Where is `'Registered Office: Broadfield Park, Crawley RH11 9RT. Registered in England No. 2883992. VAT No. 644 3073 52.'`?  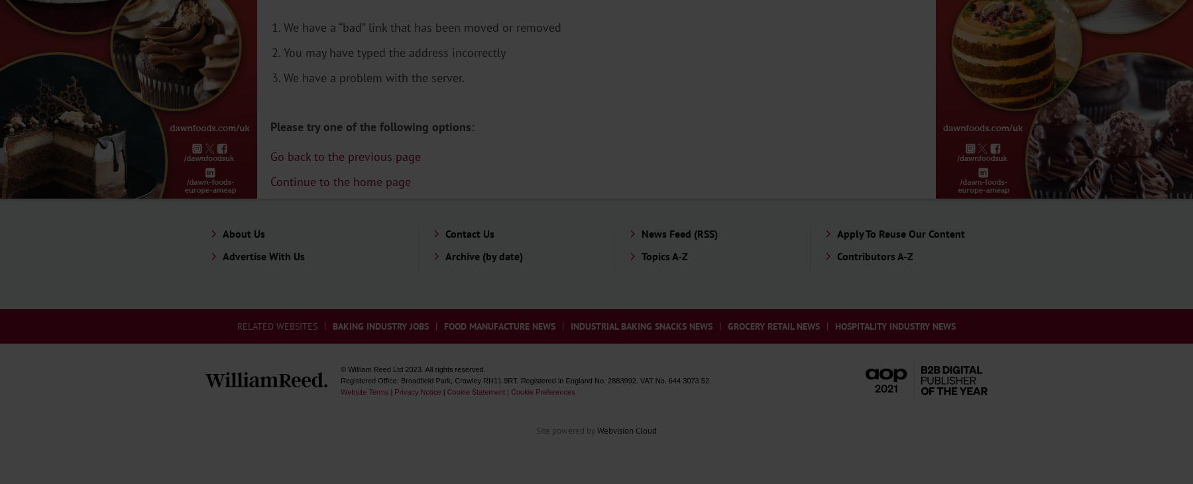
'Registered Office: Broadfield Park, Crawley RH11 9RT. Registered in England No. 2883992. VAT No. 644 3073 52.' is located at coordinates (526, 380).